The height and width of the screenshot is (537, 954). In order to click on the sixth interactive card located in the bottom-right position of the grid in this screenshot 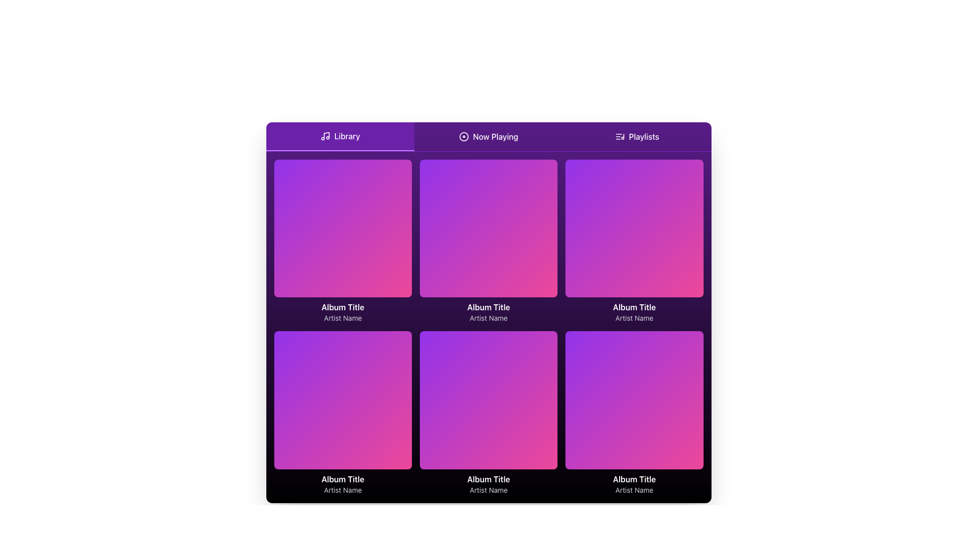, I will do `click(634, 413)`.